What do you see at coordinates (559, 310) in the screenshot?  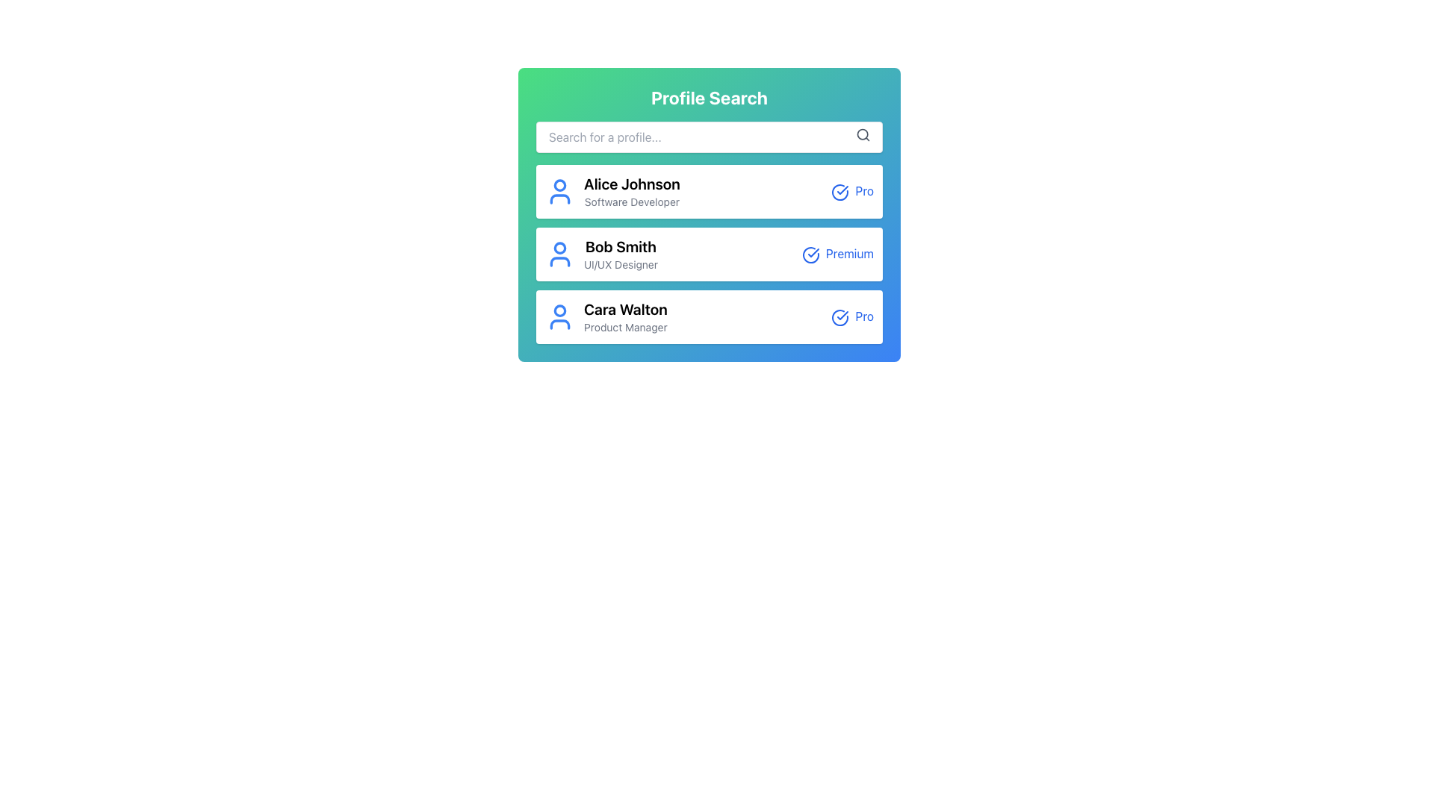 I see `the SVG Circle representing the head part of a person's silhouette in the third Profile Card under the Profile Search header` at bounding box center [559, 310].